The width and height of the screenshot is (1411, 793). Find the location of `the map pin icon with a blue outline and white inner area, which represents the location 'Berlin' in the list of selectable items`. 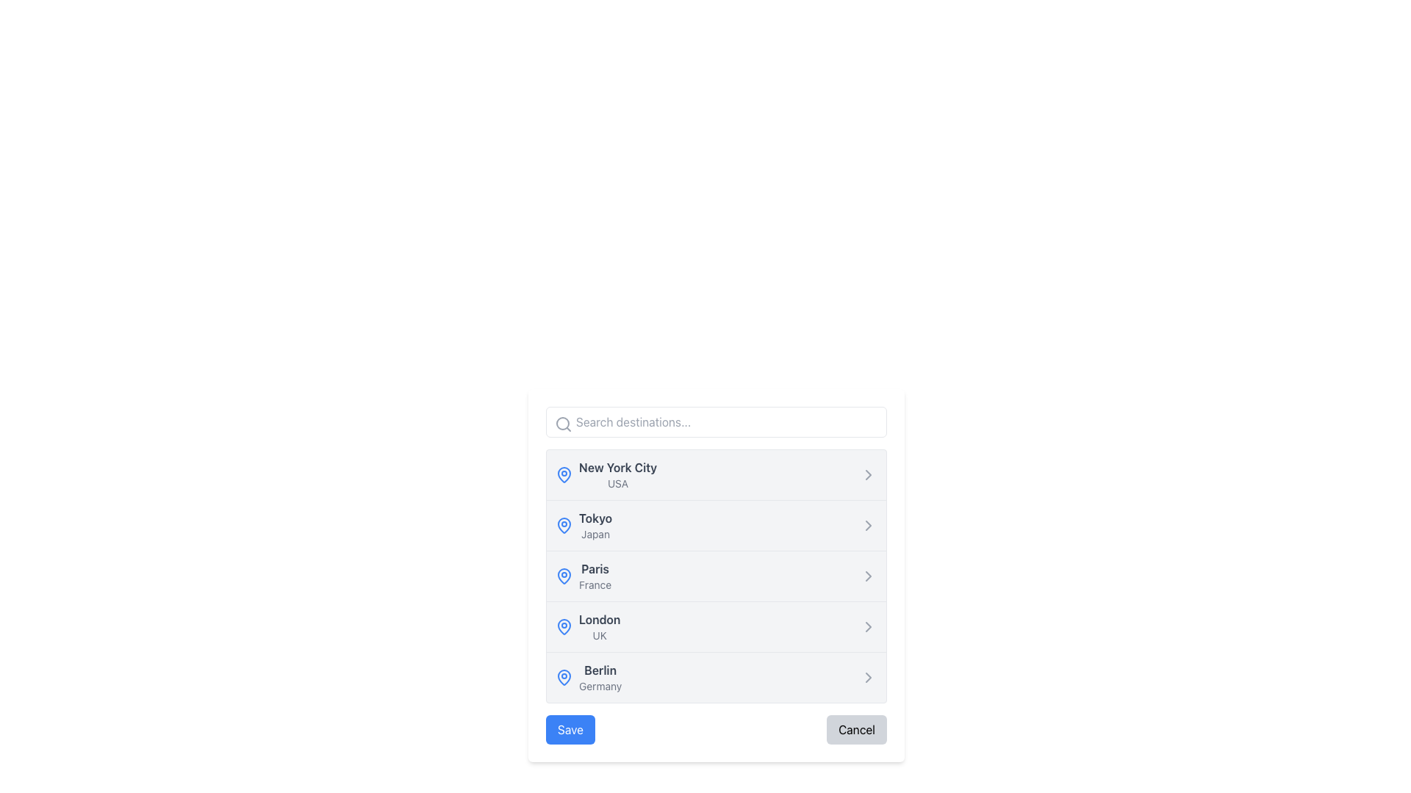

the map pin icon with a blue outline and white inner area, which represents the location 'Berlin' in the list of selectable items is located at coordinates (564, 677).